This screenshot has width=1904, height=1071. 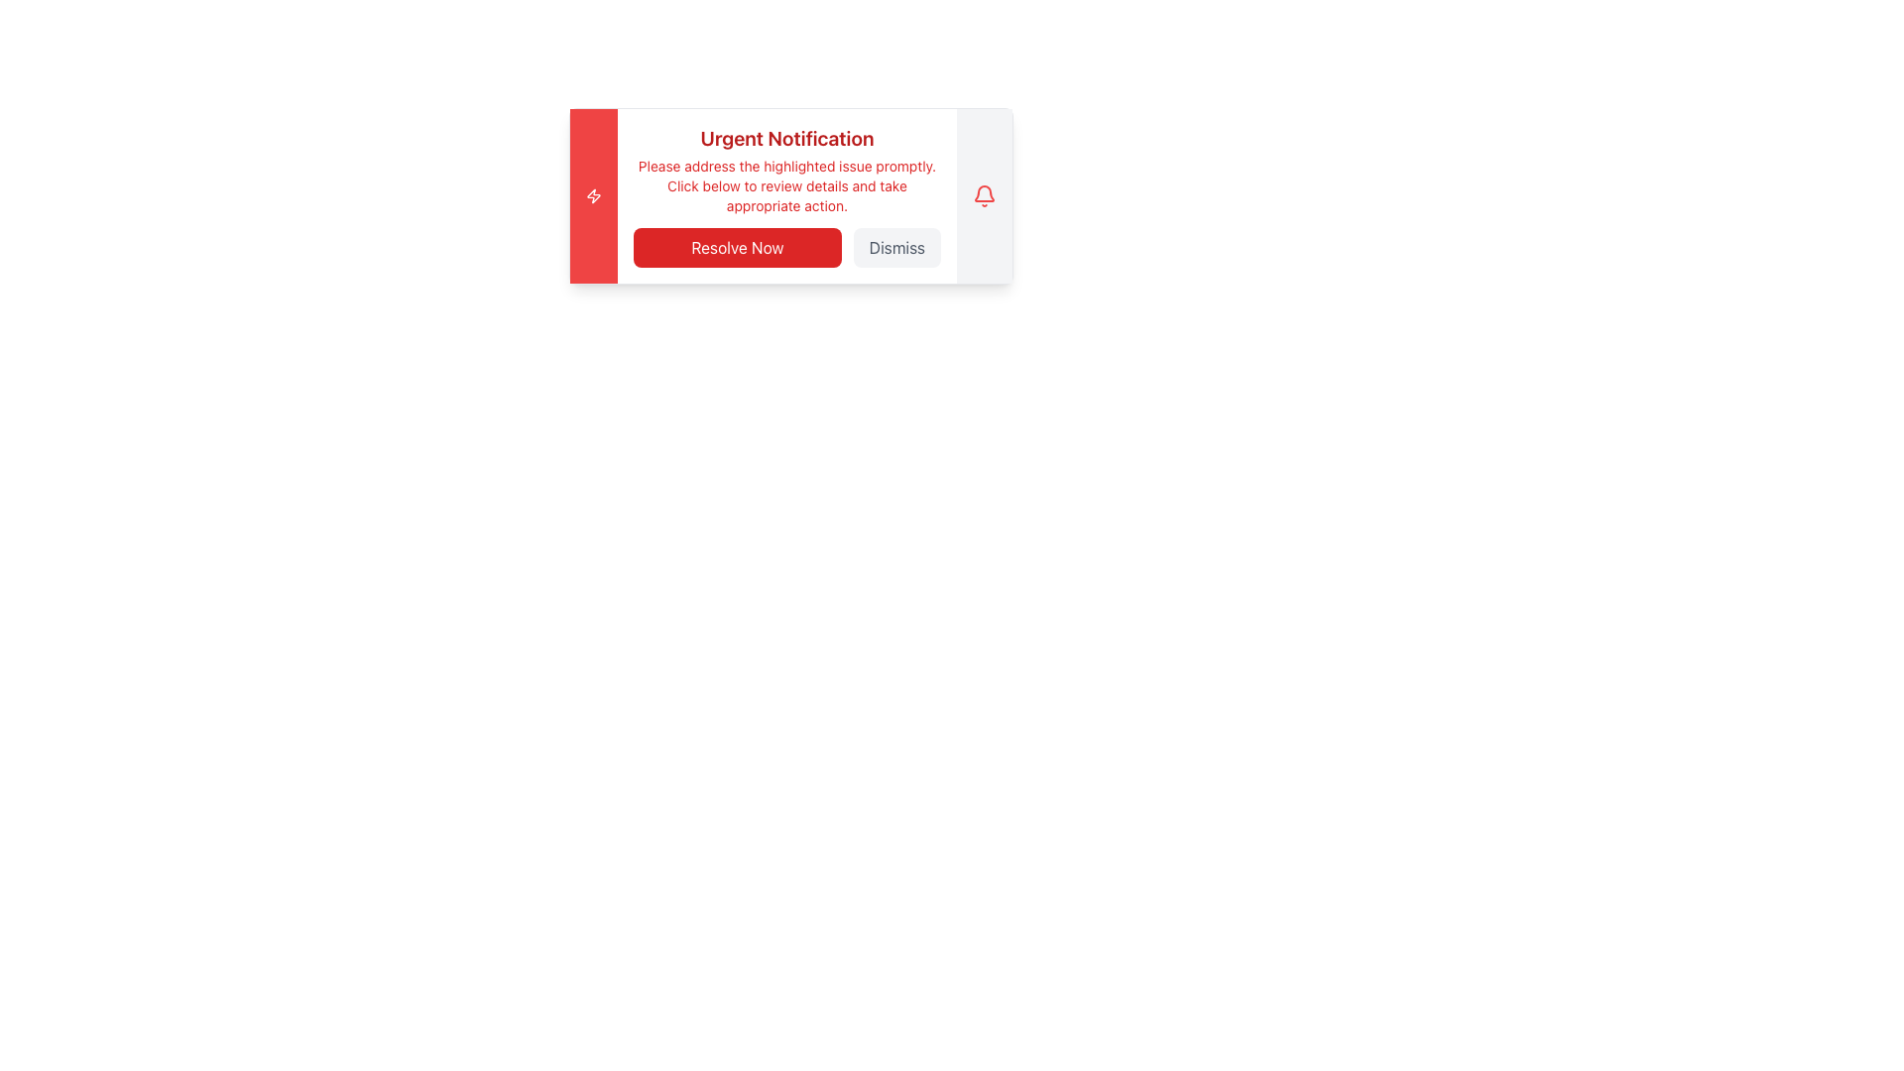 I want to click on the urgency icon located within the vertically aligned red rectangular block on the far-left side of the notification card, centrally aligned within the block, so click(x=593, y=195).